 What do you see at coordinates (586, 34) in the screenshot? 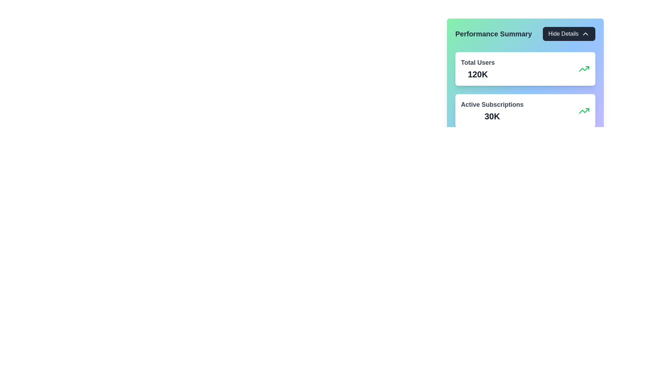
I see `the collapse icon located within the 'Hide Details' button at the top-right corner of the performance summary card` at bounding box center [586, 34].